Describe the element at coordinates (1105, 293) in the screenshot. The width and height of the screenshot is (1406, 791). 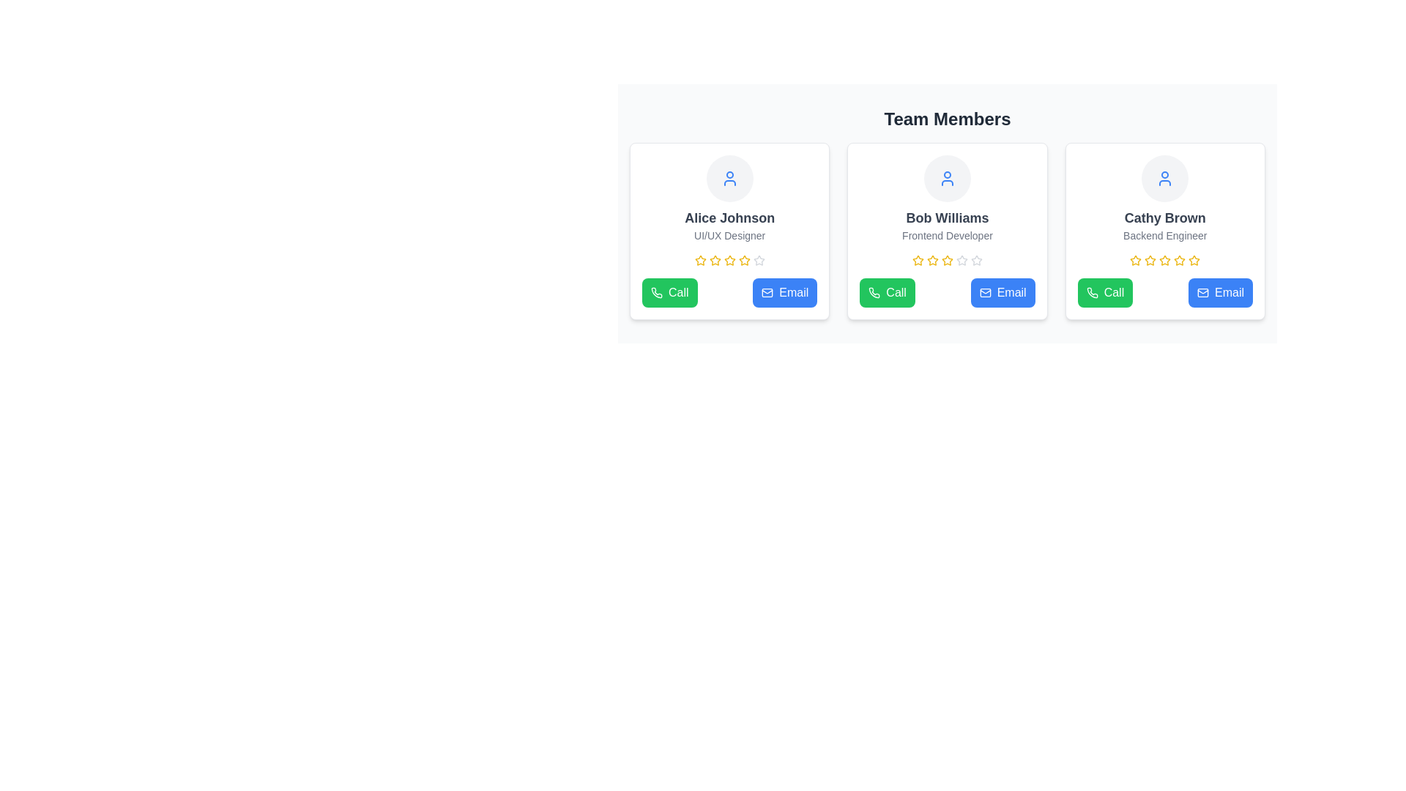
I see `the call button located in the bottom-left corner of the 'Cathy Brown, Backend Engineer' card to initiate a call` at that location.